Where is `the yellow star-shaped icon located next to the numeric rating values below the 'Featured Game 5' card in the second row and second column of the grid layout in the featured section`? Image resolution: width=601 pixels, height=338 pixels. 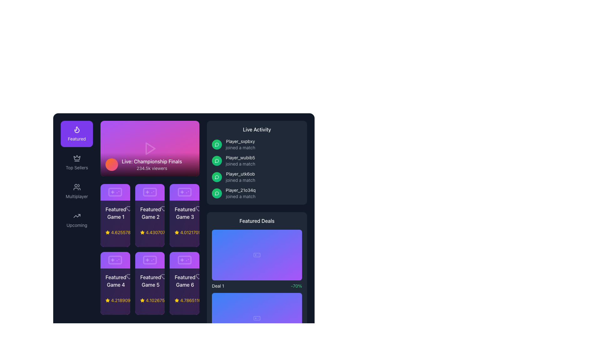 the yellow star-shaped icon located next to the numeric rating values below the 'Featured Game 5' card in the second row and second column of the grid layout in the featured section is located at coordinates (108, 232).